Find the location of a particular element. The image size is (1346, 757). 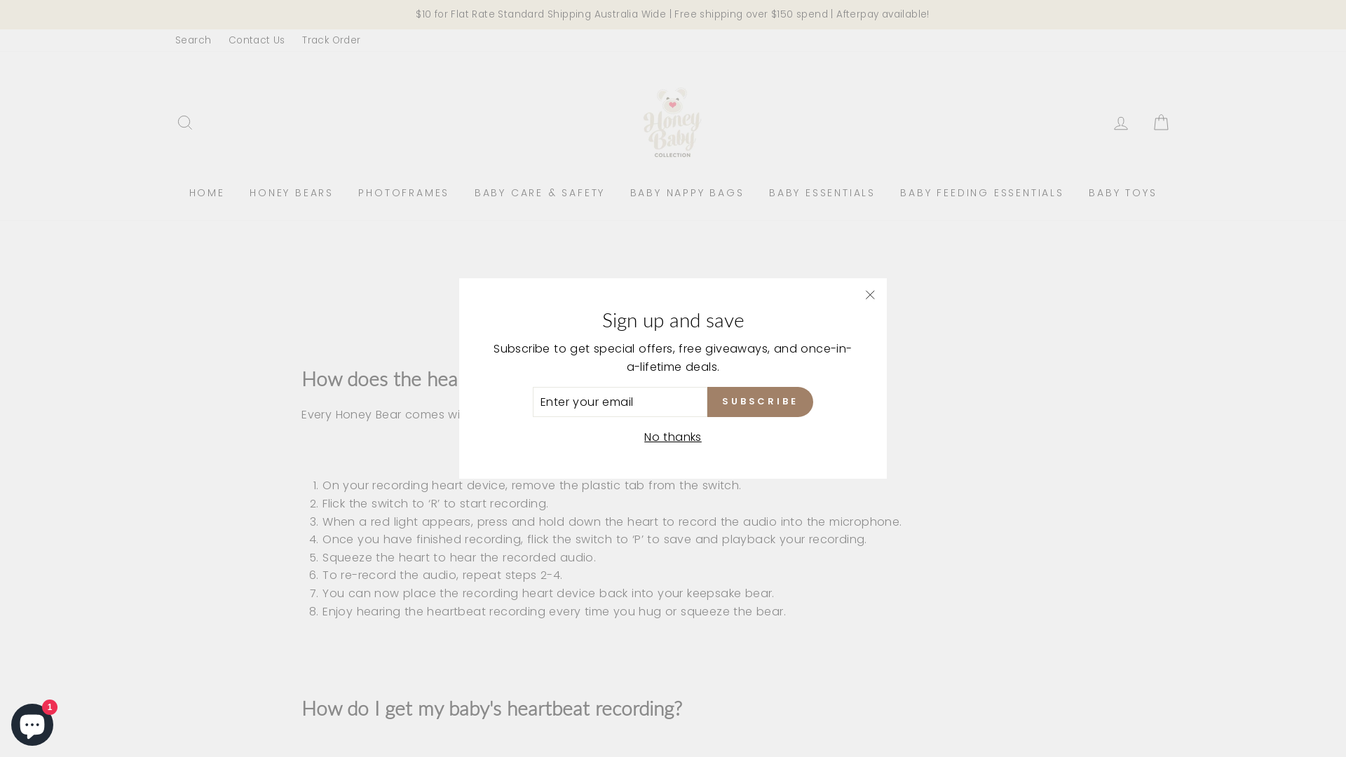

'BABY CARE & SAFETY' is located at coordinates (464, 192).